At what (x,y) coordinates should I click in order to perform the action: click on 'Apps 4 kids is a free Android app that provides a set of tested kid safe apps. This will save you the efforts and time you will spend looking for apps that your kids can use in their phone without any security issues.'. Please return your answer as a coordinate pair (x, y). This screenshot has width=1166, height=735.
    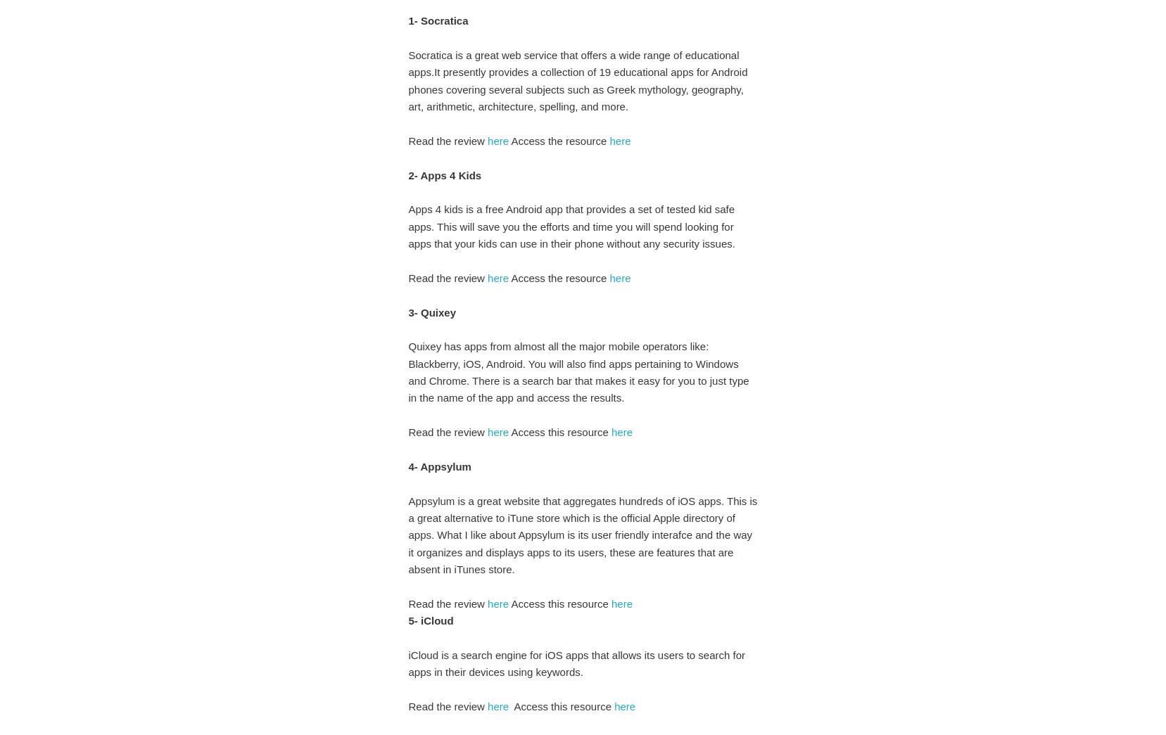
    Looking at the image, I should click on (574, 226).